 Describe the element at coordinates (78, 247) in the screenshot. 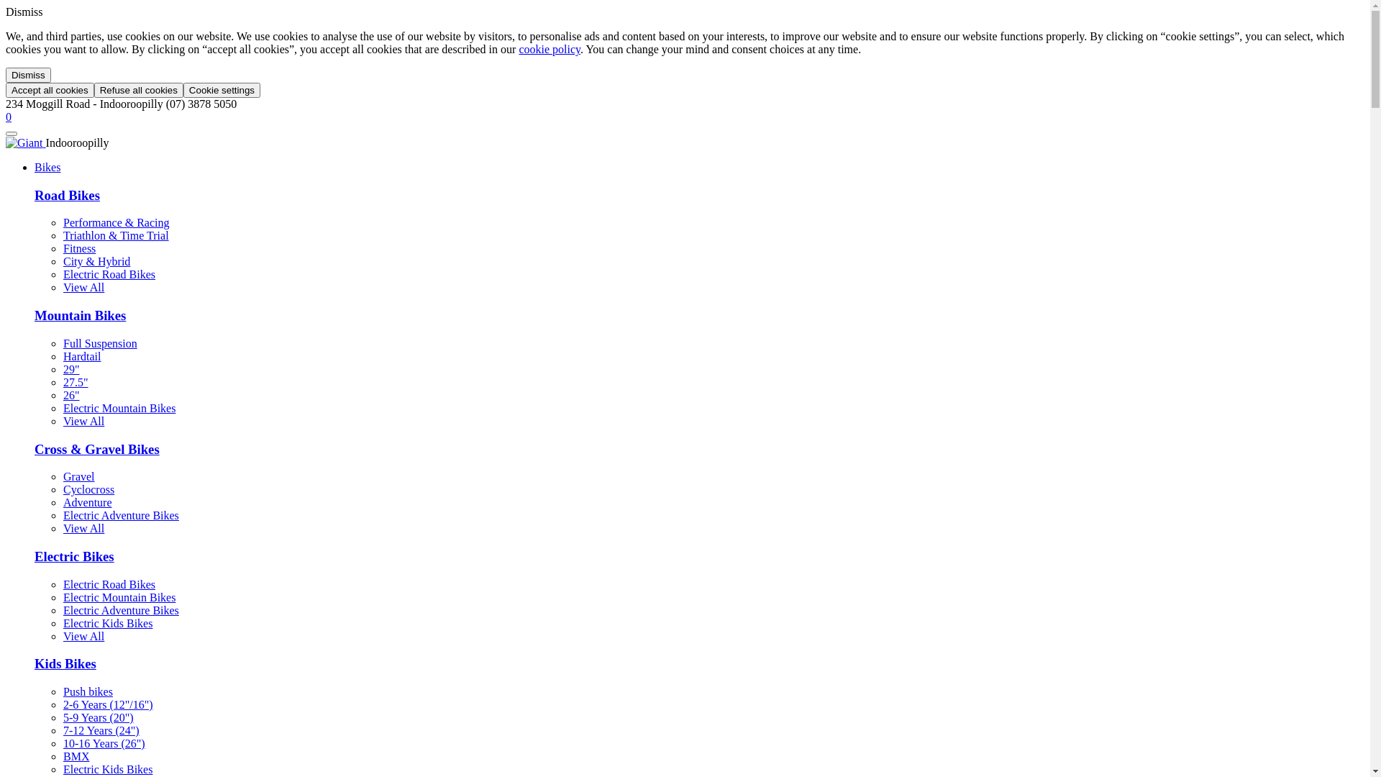

I see `'Fitness'` at that location.